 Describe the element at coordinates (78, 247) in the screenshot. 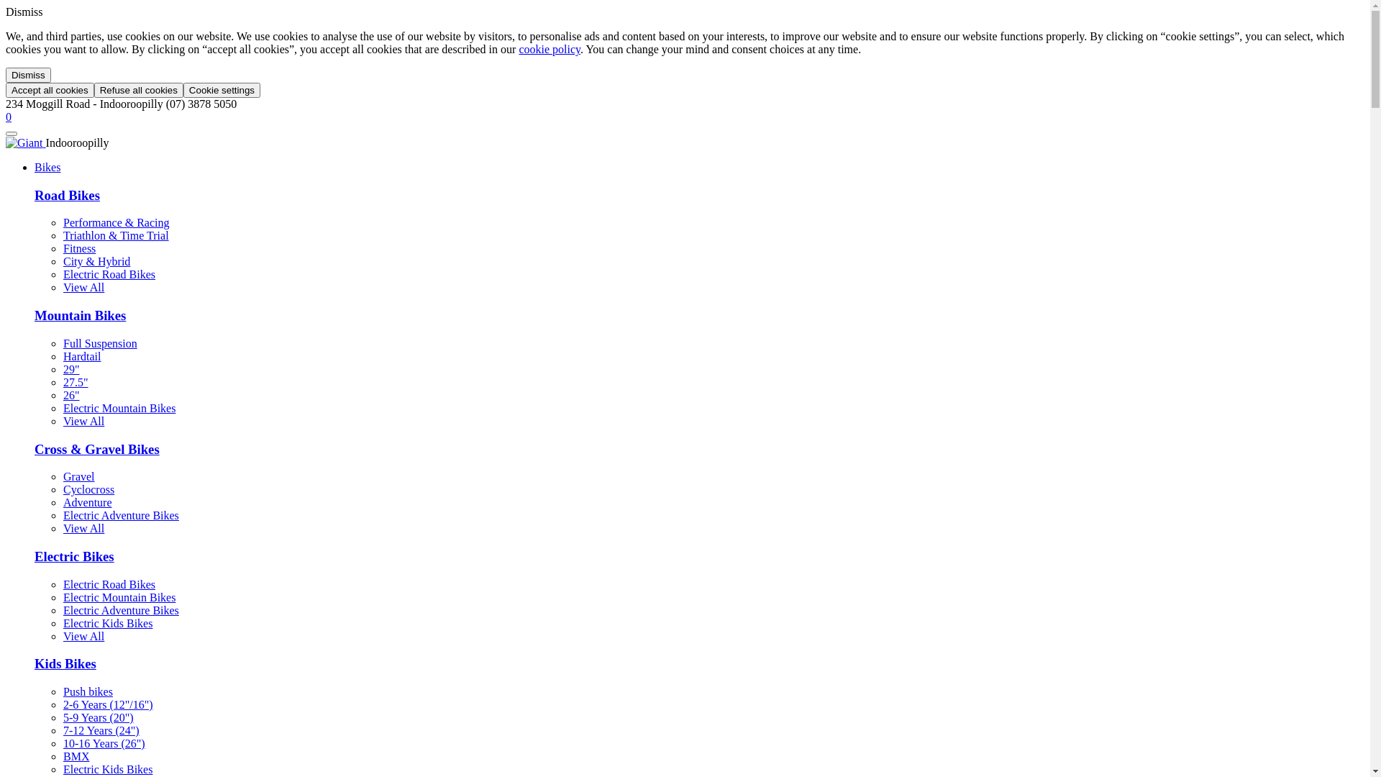

I see `'Fitness'` at that location.